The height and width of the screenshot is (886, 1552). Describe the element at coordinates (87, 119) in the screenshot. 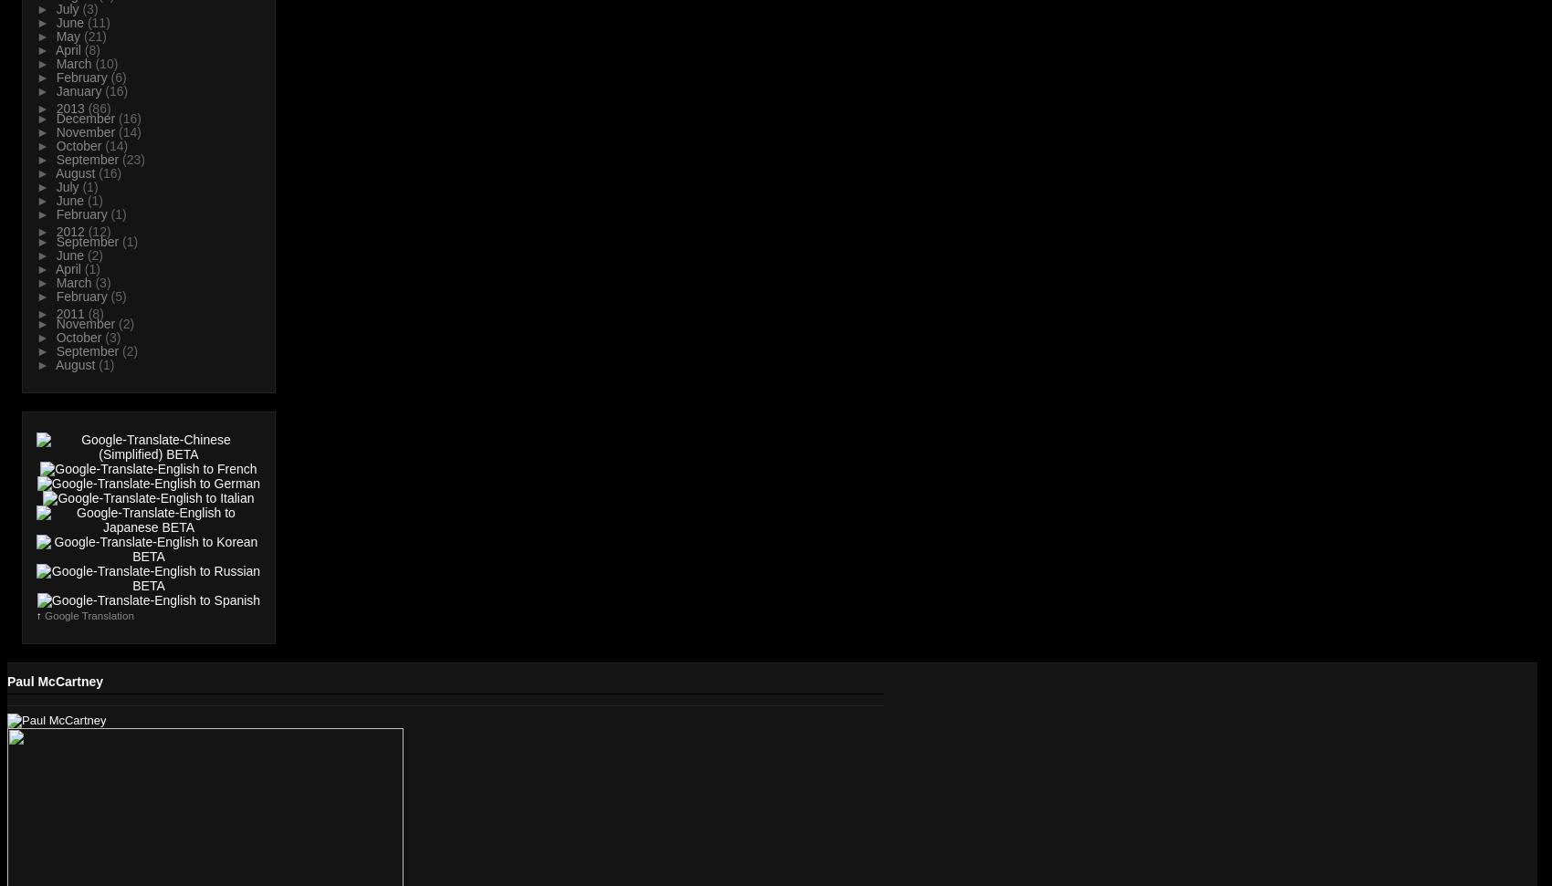

I see `'December'` at that location.